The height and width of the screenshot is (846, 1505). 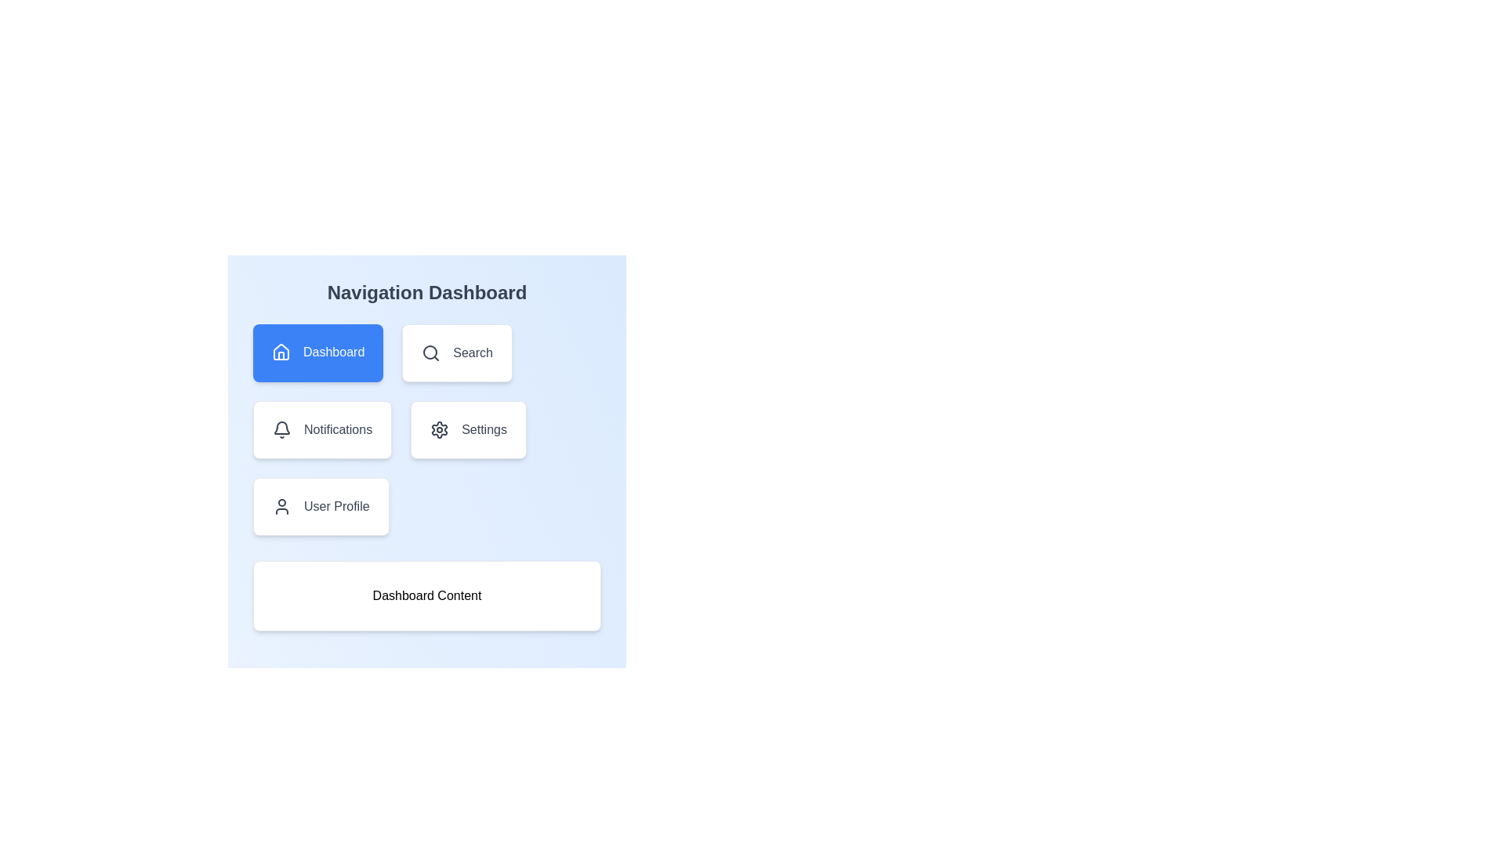 I want to click on the white rectangular box labeled 'Dashboard Content' with rounded corners, located at the bottom of the layout, so click(x=427, y=595).